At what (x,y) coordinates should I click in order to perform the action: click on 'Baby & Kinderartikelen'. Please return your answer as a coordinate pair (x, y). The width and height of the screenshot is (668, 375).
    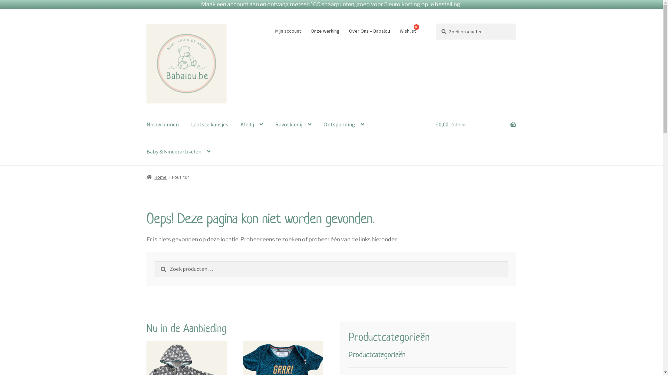
    Looking at the image, I should click on (140, 151).